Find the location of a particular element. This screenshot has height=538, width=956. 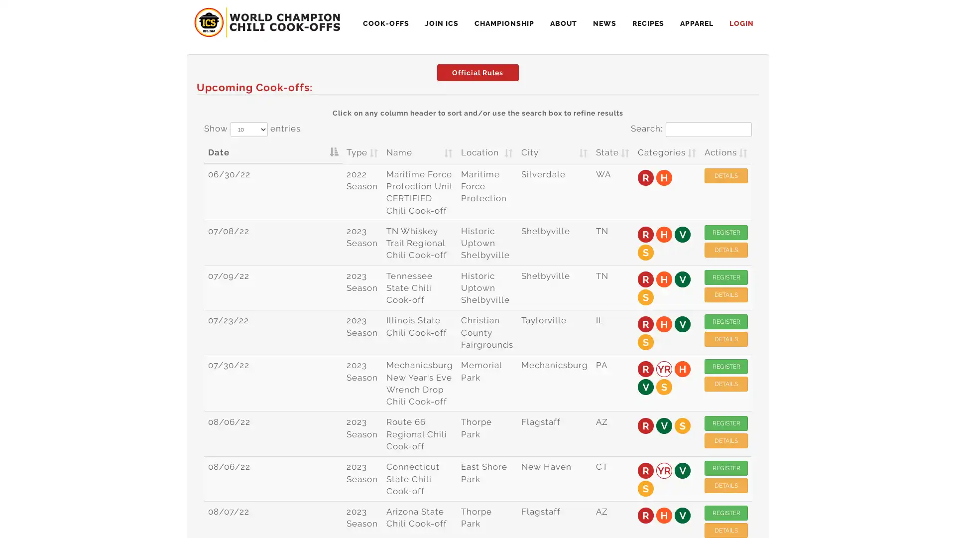

REGISTER is located at coordinates (726, 276).